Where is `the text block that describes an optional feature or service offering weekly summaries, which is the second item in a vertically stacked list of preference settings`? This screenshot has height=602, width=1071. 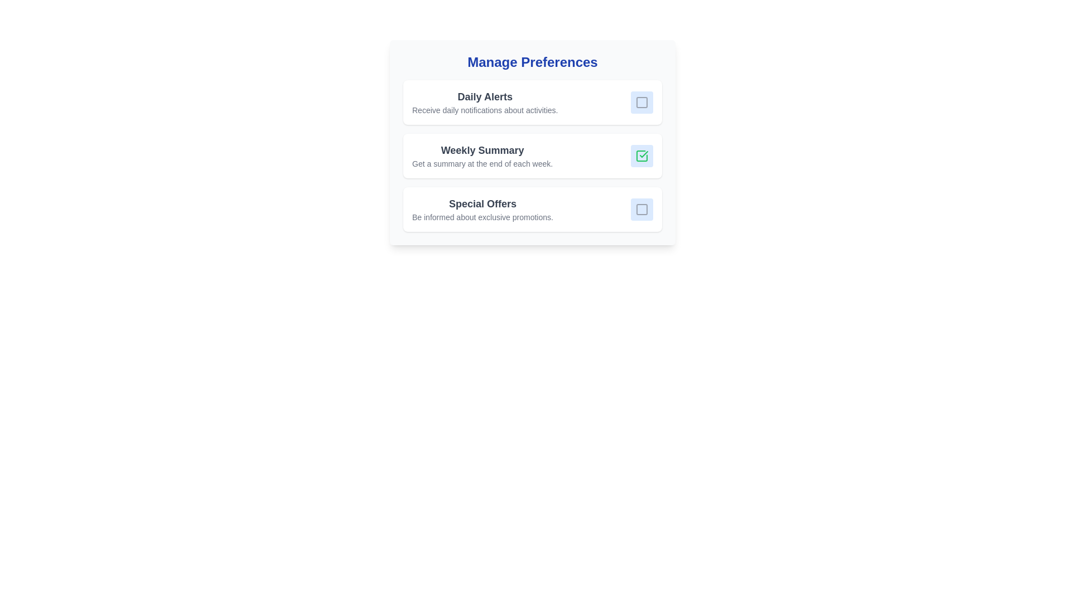
the text block that describes an optional feature or service offering weekly summaries, which is the second item in a vertically stacked list of preference settings is located at coordinates (483, 156).